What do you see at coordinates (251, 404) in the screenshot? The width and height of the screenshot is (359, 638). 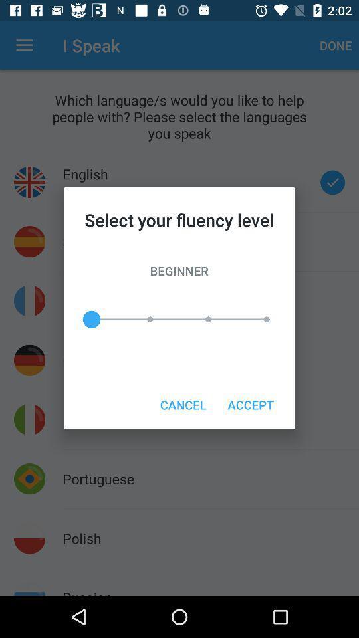 I see `accept` at bounding box center [251, 404].